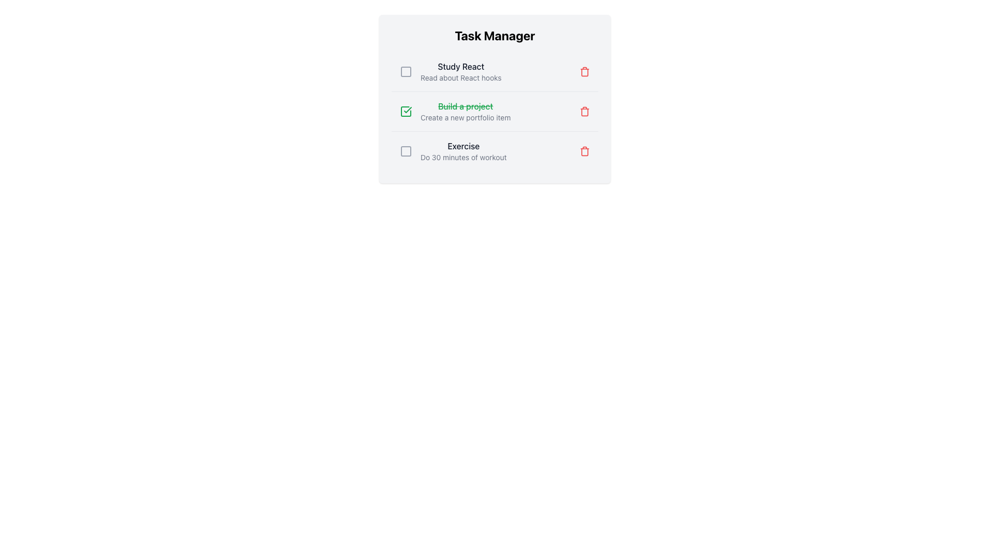 This screenshot has width=992, height=558. Describe the element at coordinates (451, 71) in the screenshot. I see `the list item titled 'Study React'` at that location.